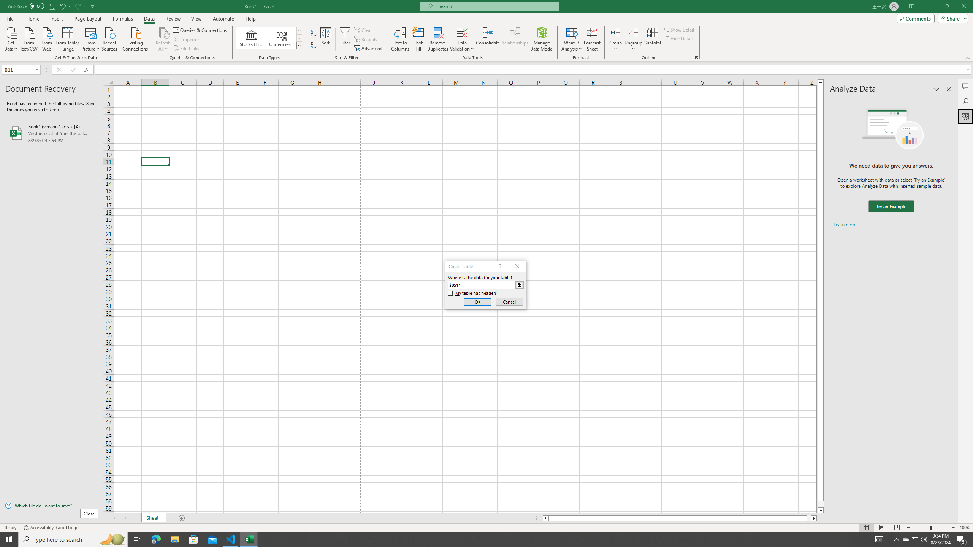  What do you see at coordinates (91, 38) in the screenshot?
I see `'From Picture'` at bounding box center [91, 38].